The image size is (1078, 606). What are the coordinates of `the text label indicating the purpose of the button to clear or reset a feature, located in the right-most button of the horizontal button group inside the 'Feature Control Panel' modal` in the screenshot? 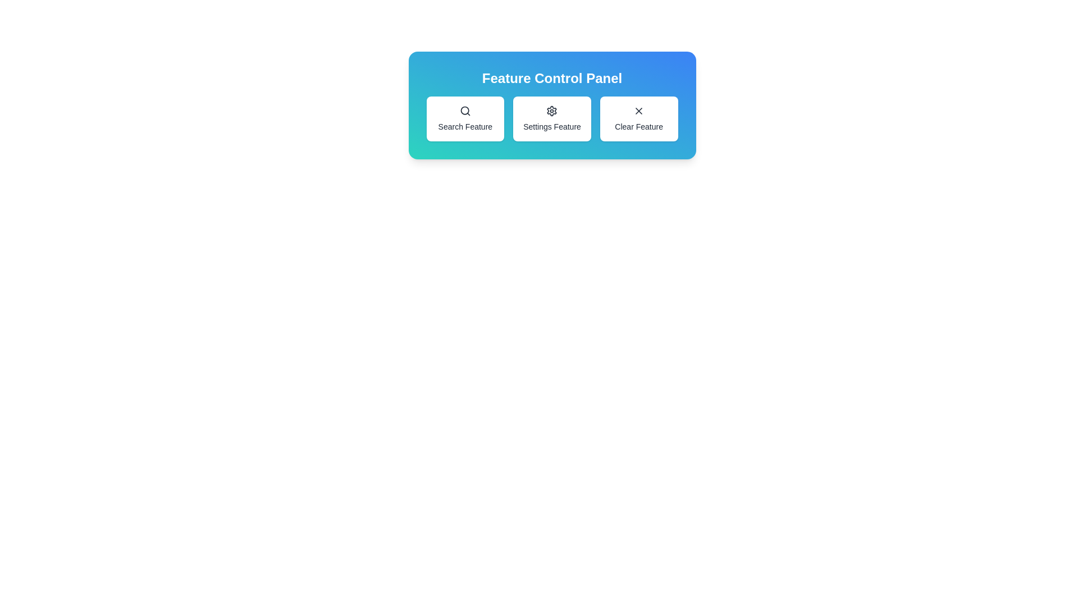 It's located at (639, 126).